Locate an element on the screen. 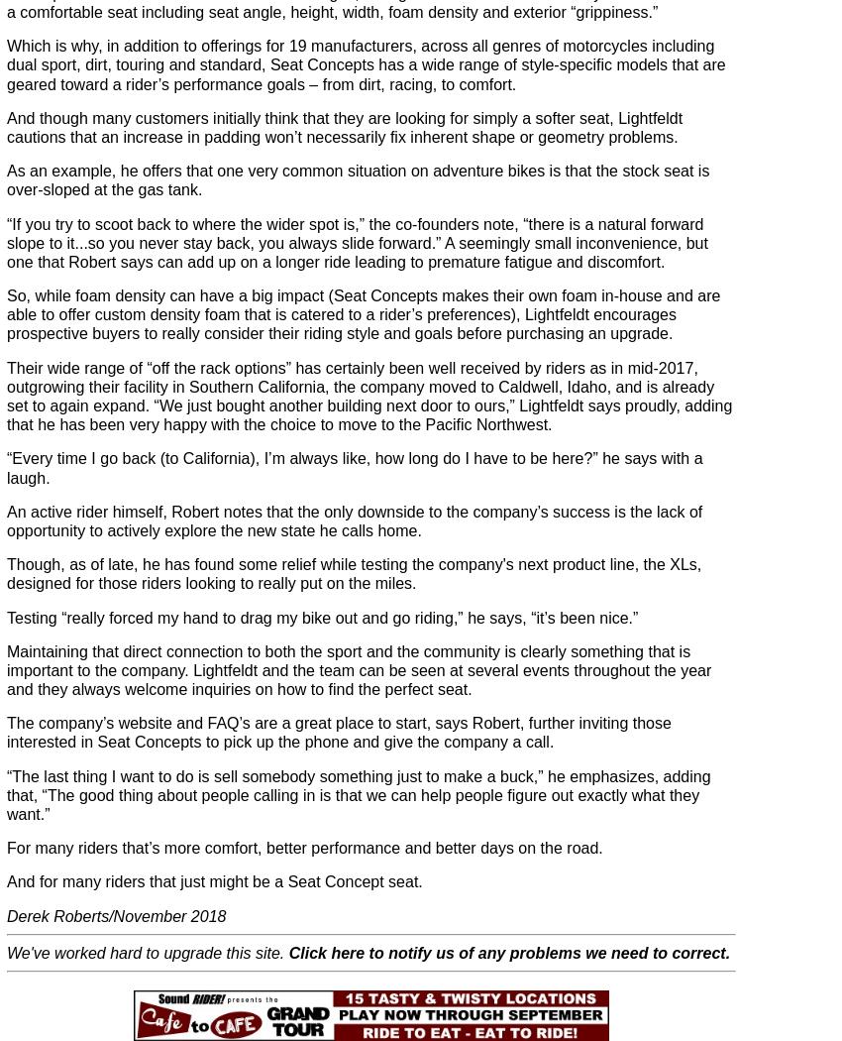 The width and height of the screenshot is (842, 1041). 'For many riders that’s more comfort, better performance and better days on
    the road.' is located at coordinates (5, 848).